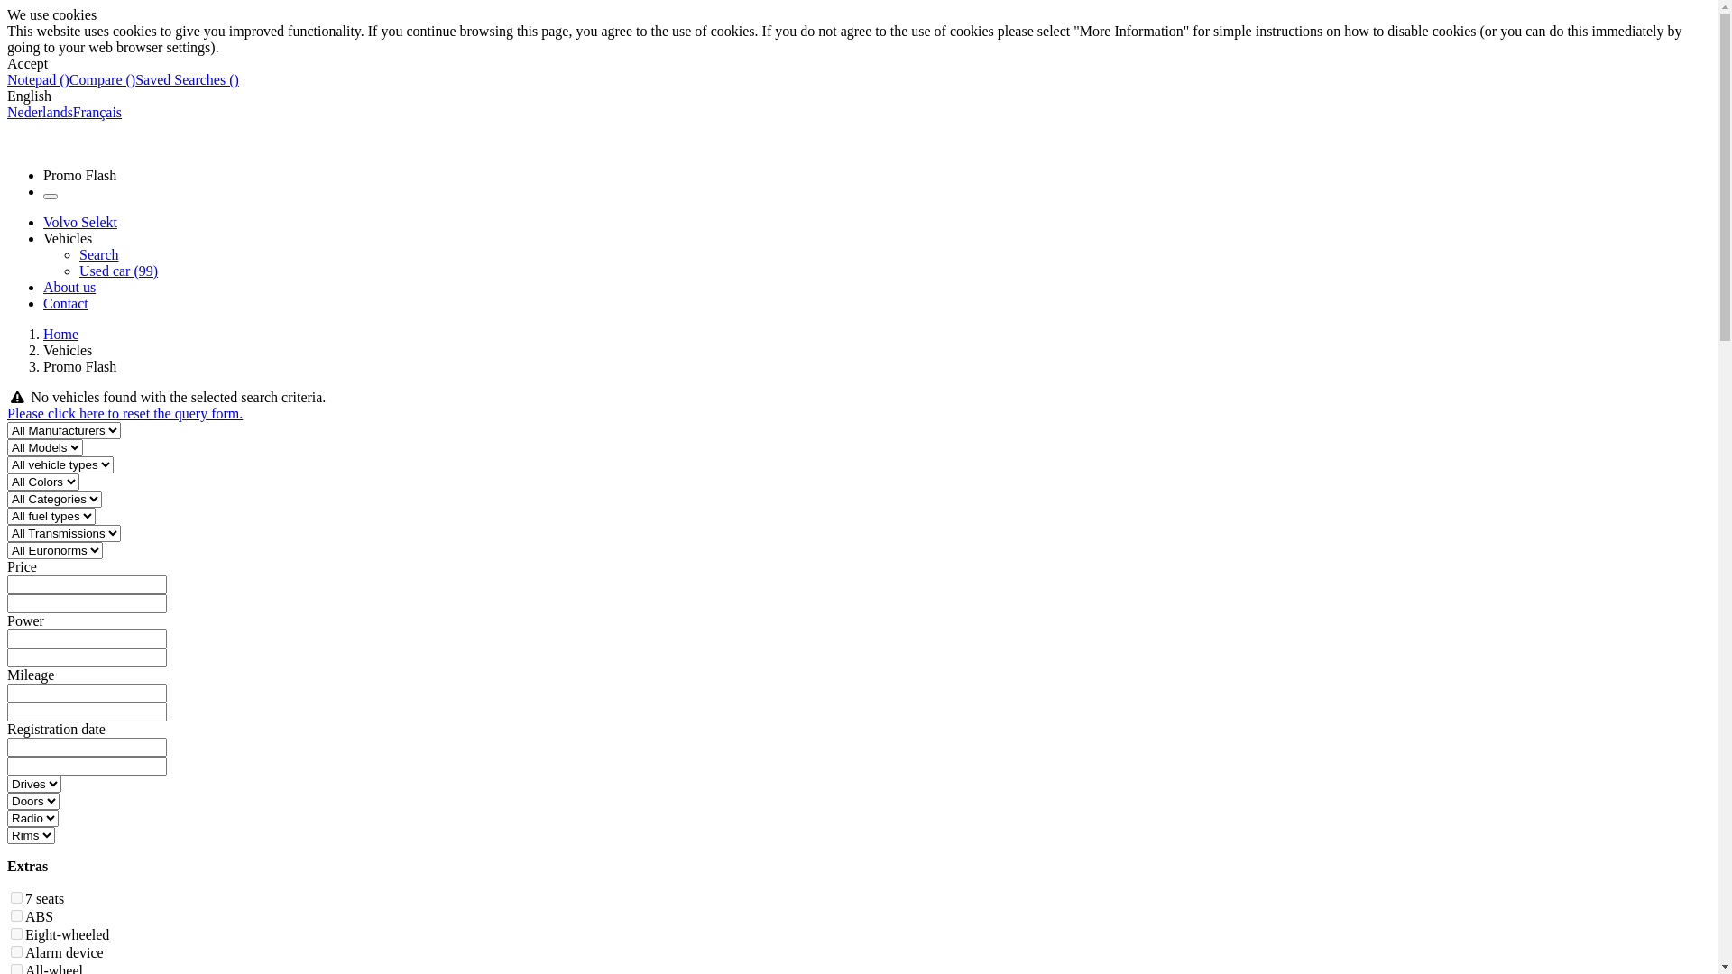  What do you see at coordinates (69, 286) in the screenshot?
I see `'About us'` at bounding box center [69, 286].